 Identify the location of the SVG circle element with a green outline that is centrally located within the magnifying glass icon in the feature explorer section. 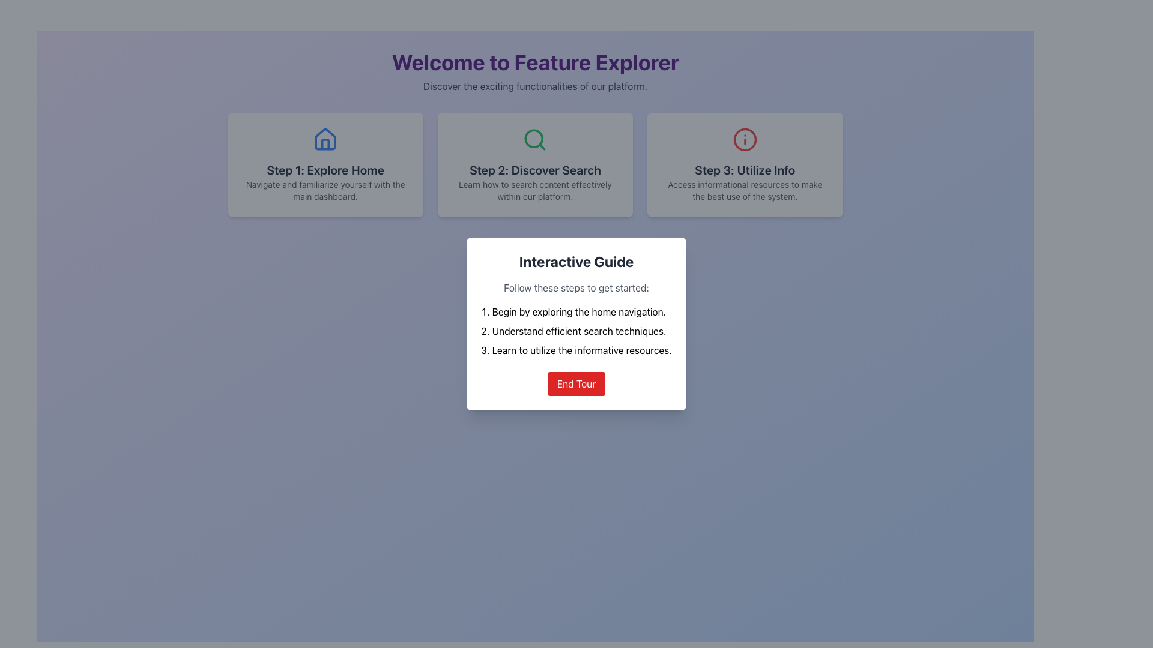
(533, 138).